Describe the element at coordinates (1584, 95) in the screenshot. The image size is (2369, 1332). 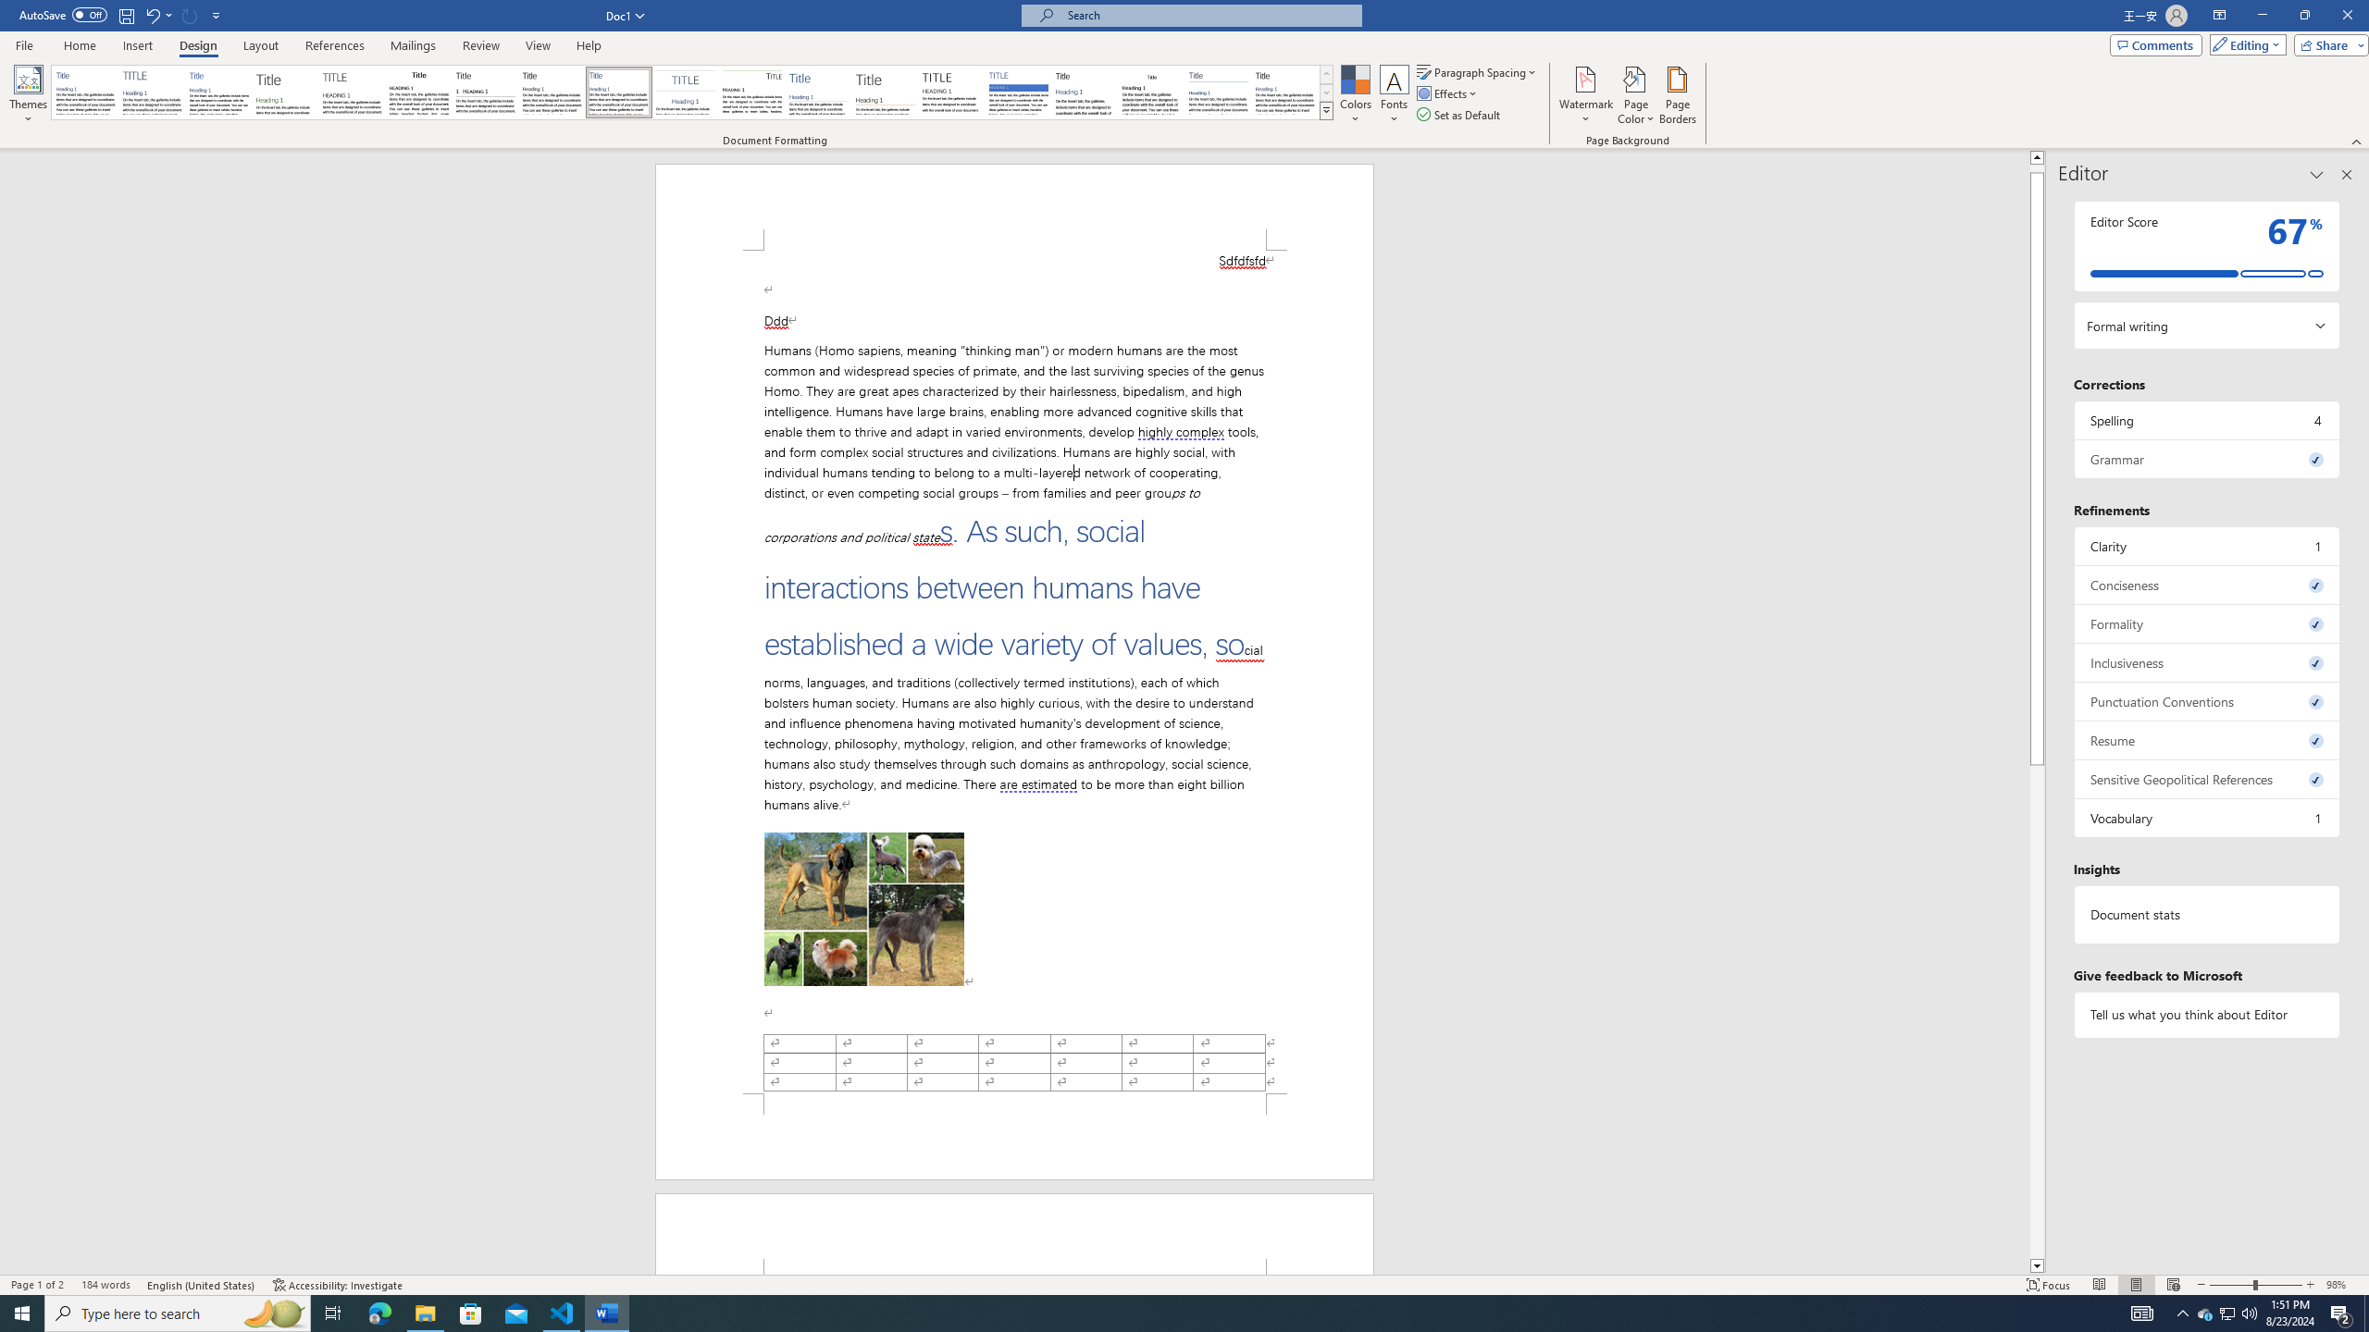
I see `'Watermark'` at that location.